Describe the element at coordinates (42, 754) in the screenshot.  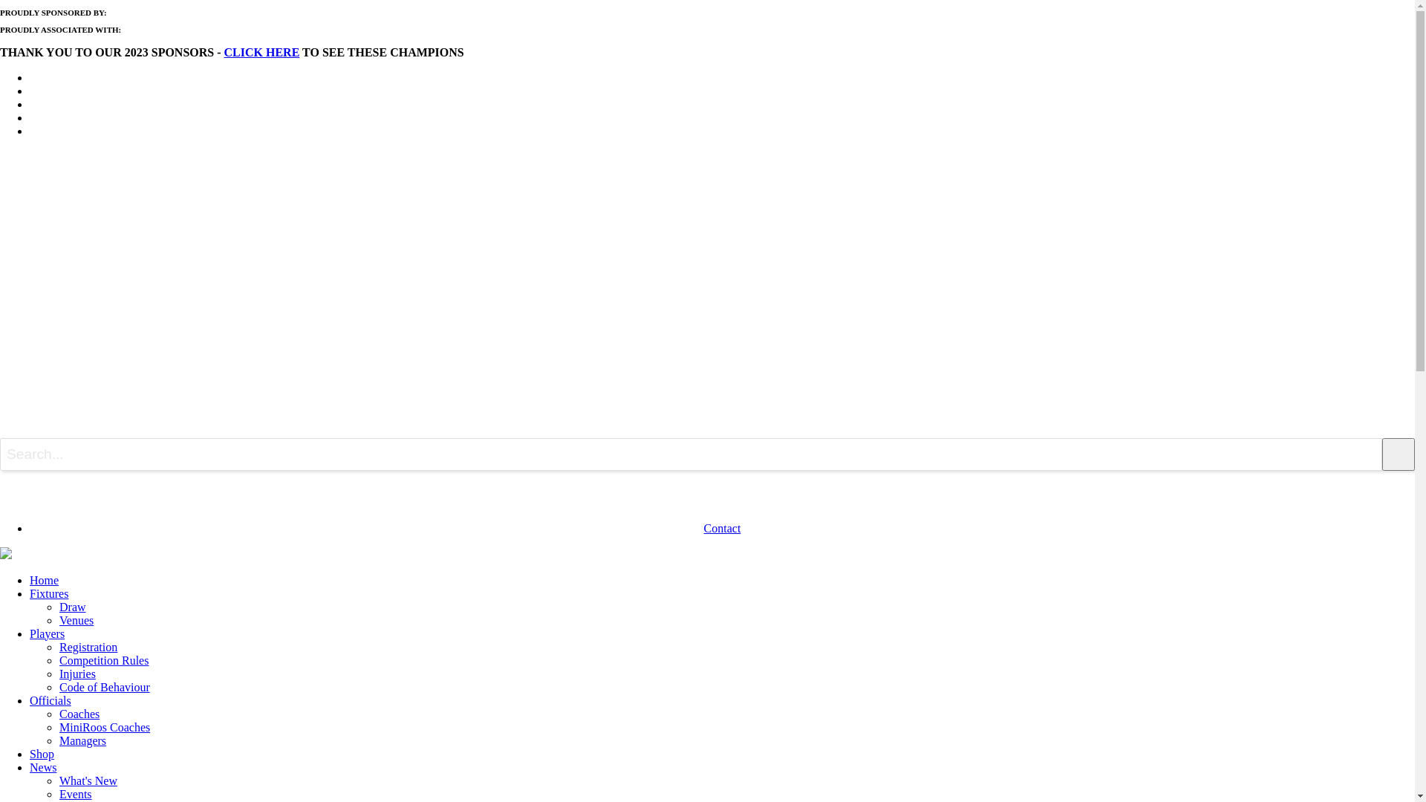
I see `'Shop'` at that location.